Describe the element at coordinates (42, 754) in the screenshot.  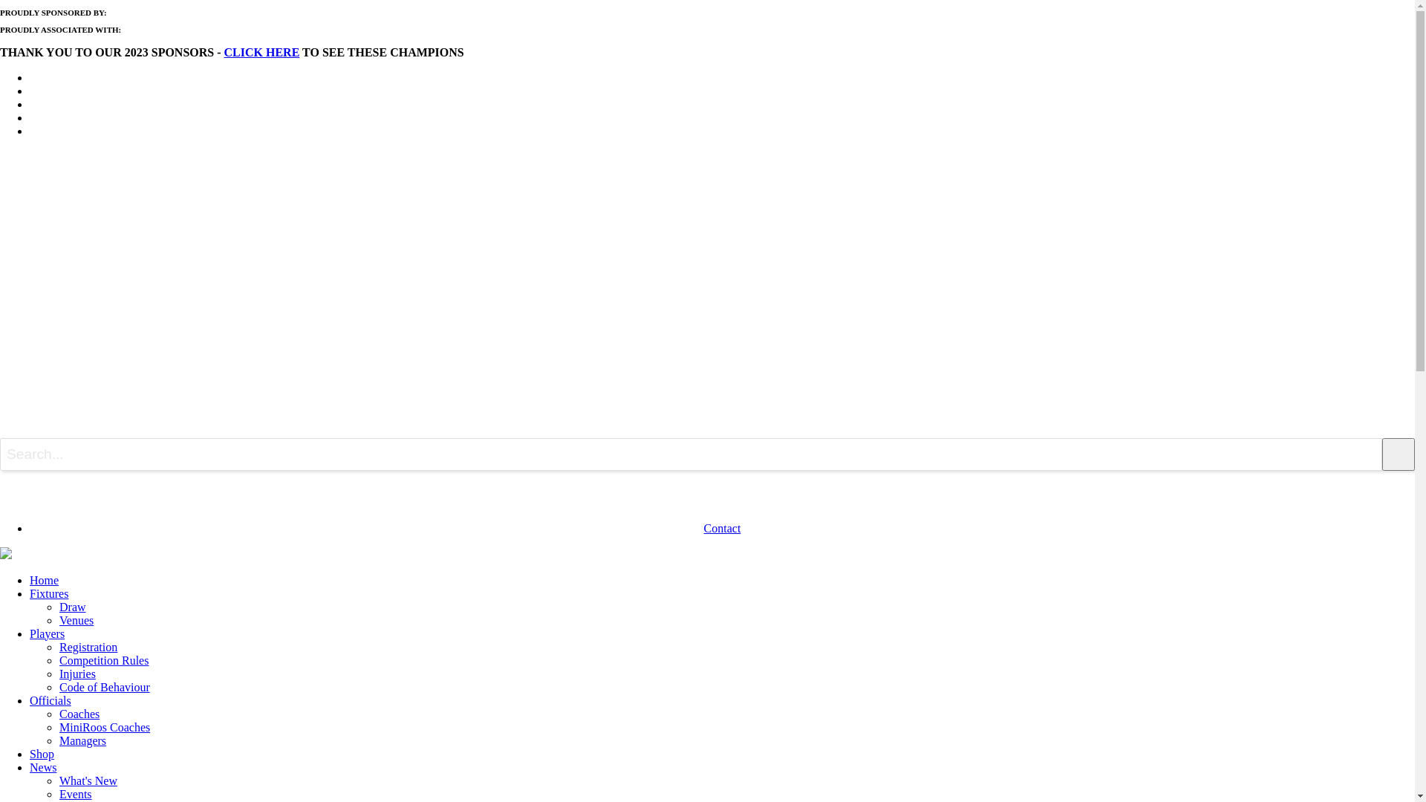
I see `'Shop'` at that location.